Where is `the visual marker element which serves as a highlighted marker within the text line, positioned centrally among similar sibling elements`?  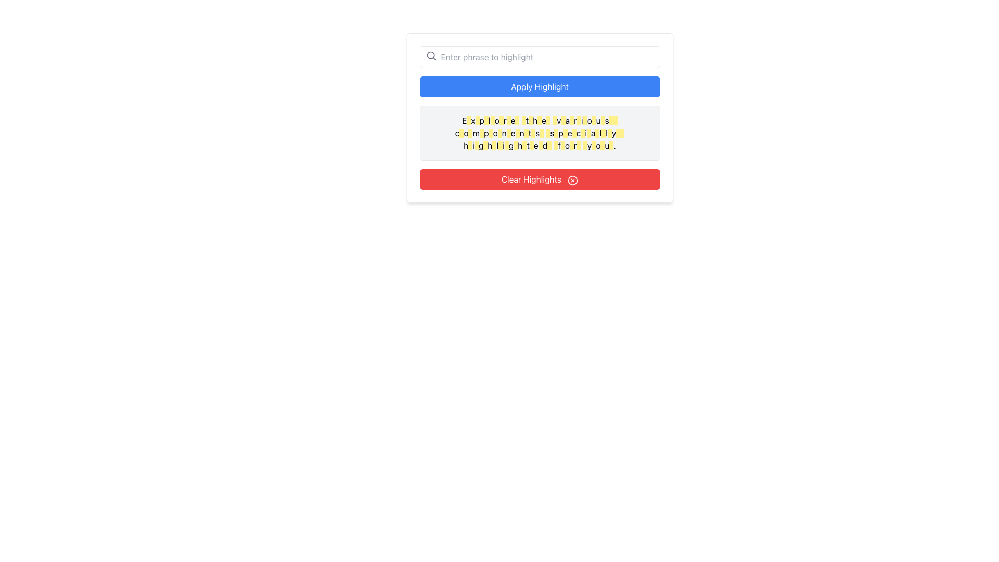
the visual marker element which serves as a highlighted marker within the text line, positioned centrally among similar sibling elements is located at coordinates (516, 146).